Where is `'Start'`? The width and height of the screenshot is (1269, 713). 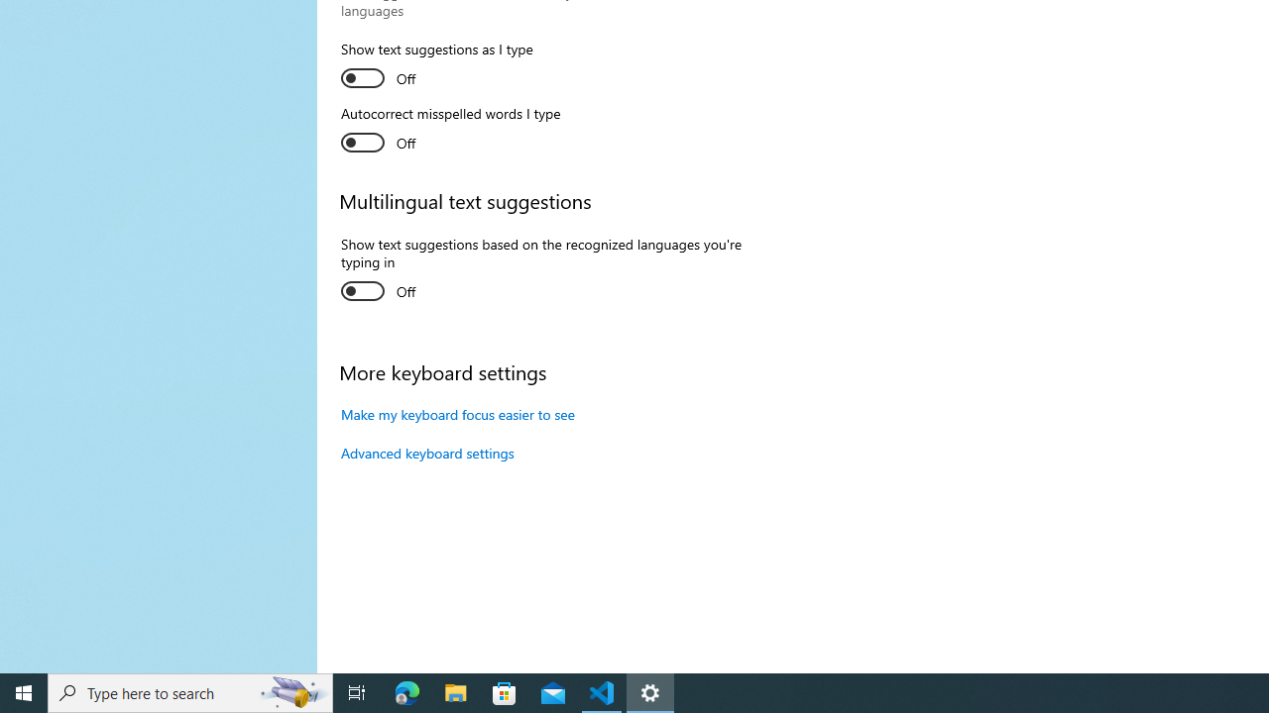
'Start' is located at coordinates (24, 691).